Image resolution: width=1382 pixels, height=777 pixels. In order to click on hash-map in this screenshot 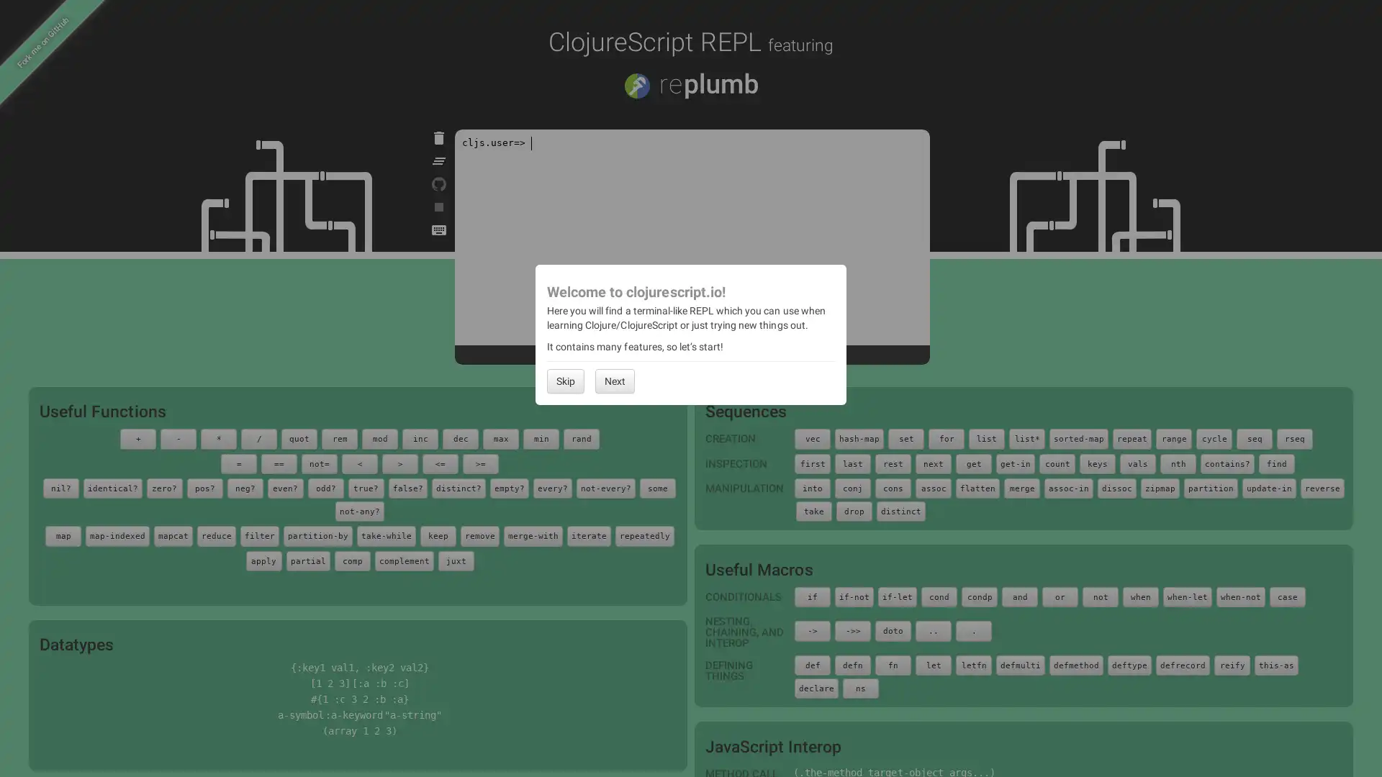, I will do `click(859, 437)`.